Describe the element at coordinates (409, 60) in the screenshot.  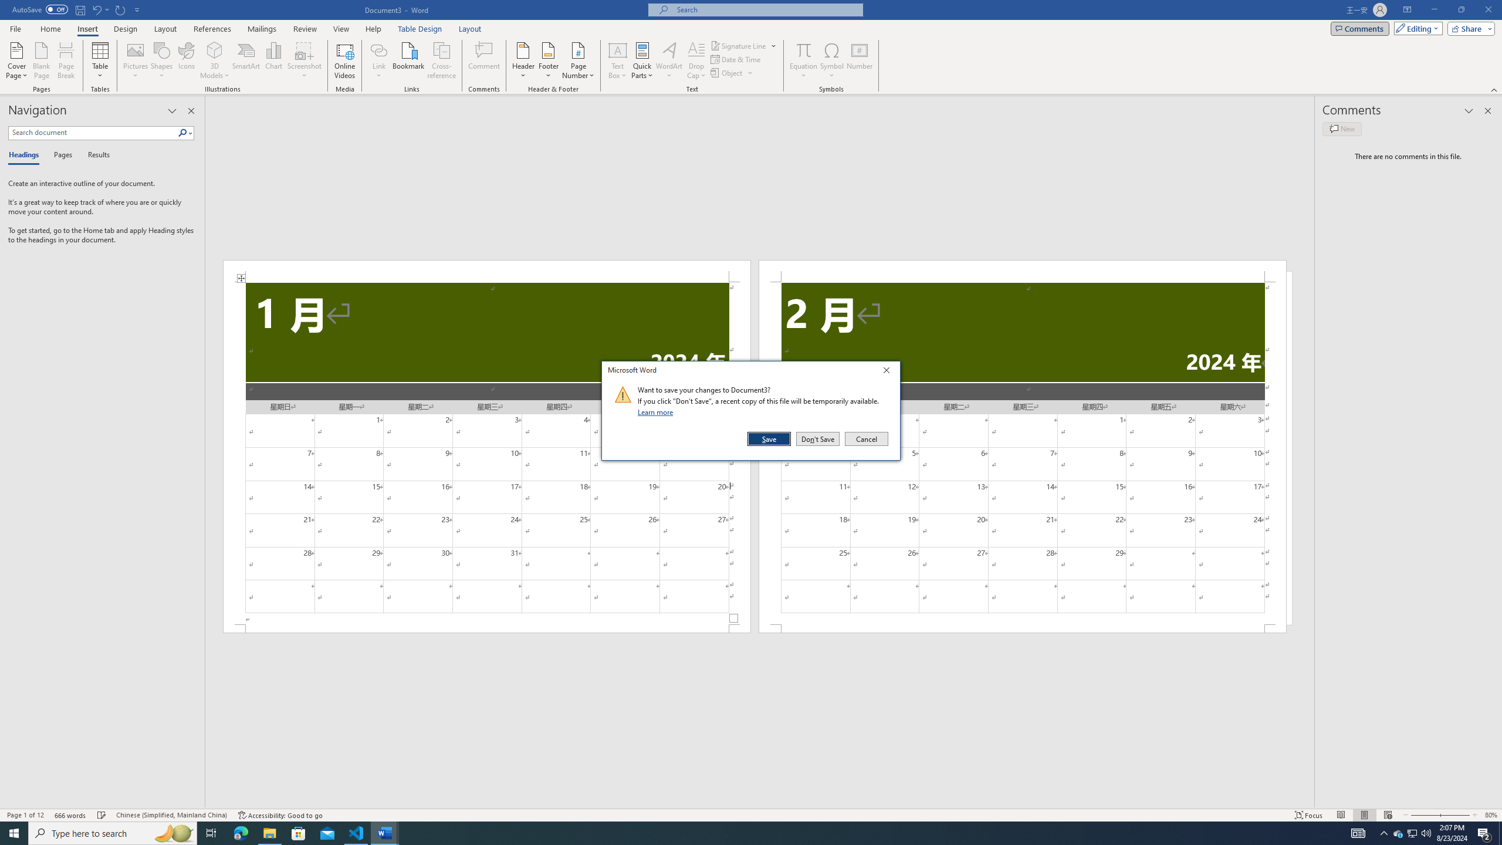
I see `'Bookmark...'` at that location.